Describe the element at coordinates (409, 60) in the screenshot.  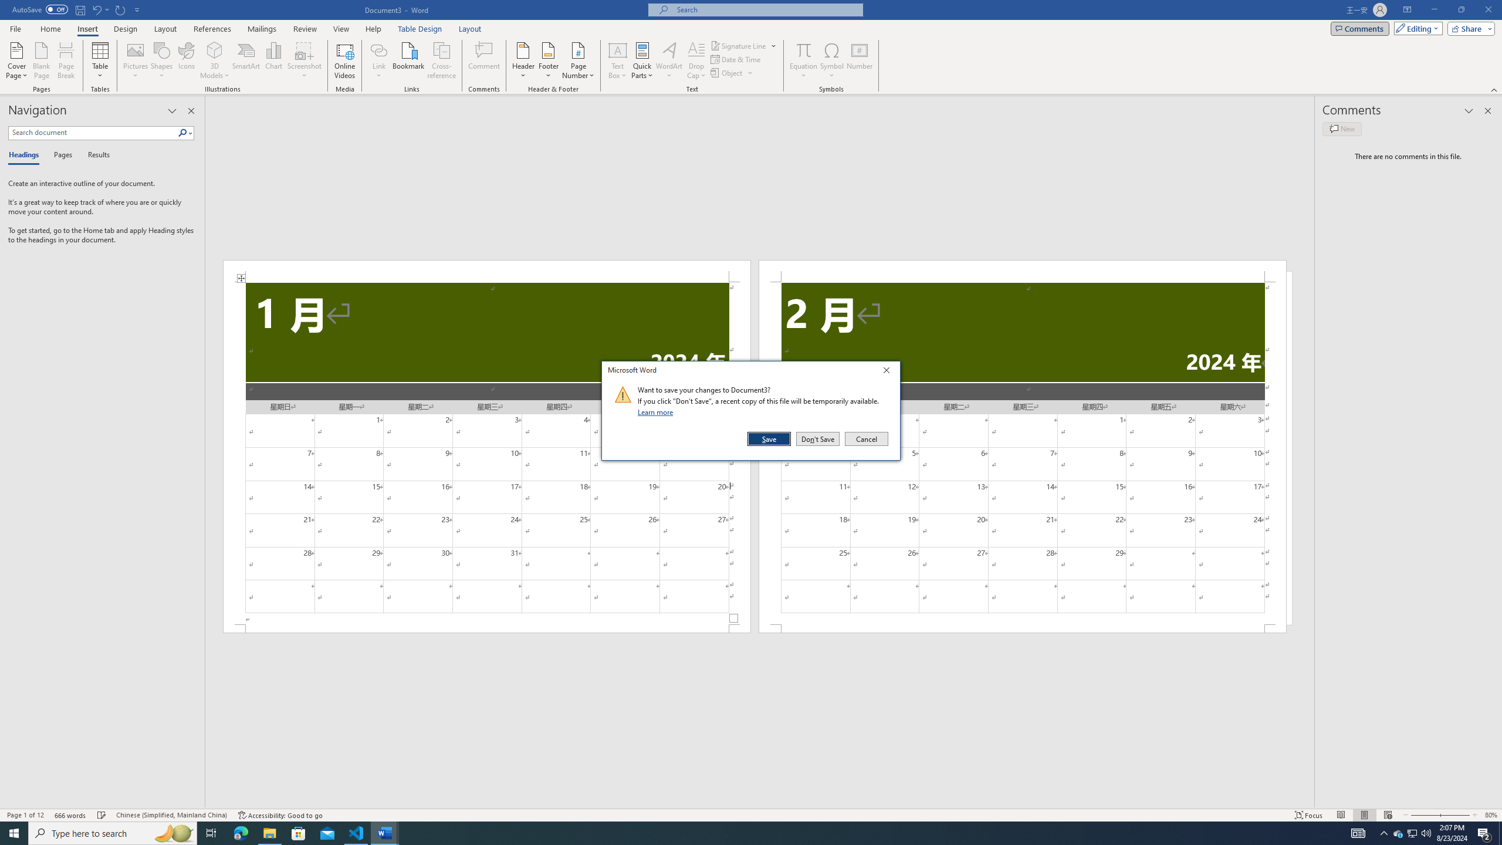
I see `'Bookmark...'` at that location.